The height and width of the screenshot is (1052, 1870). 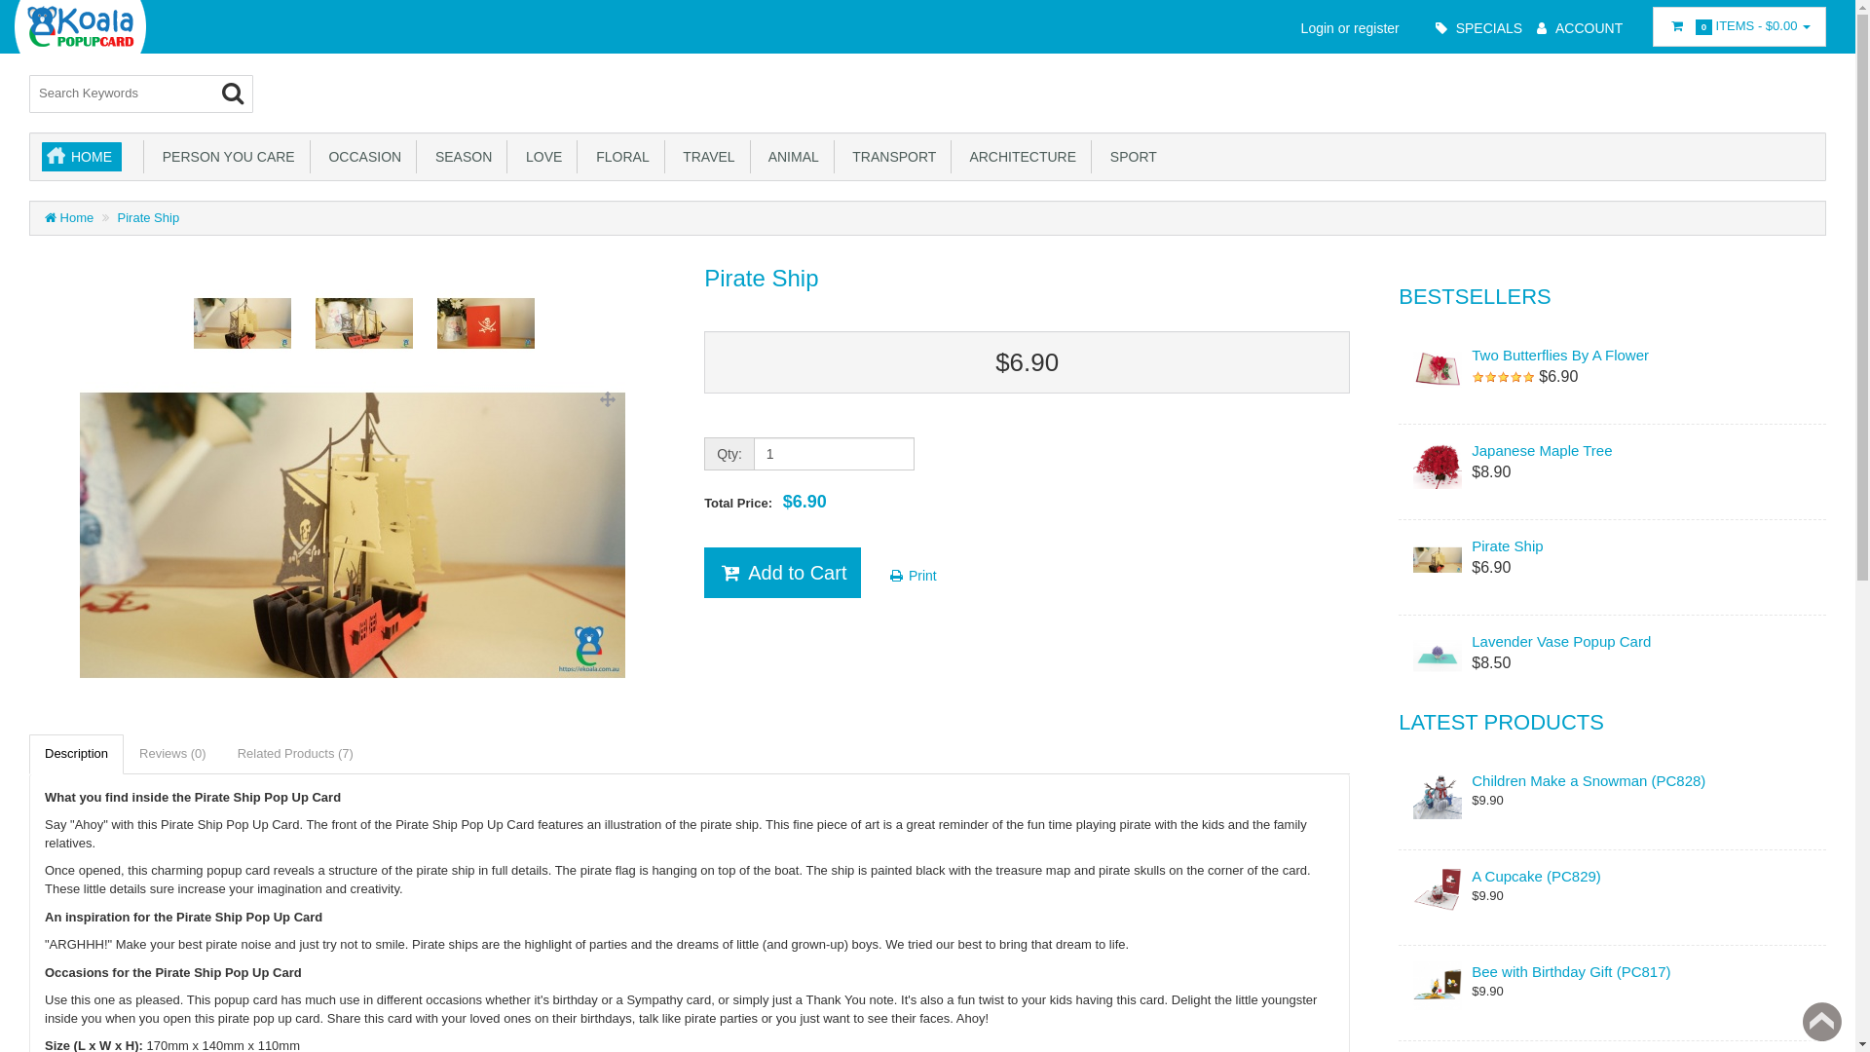 What do you see at coordinates (1132, 156) in the screenshot?
I see `'  SPORT'` at bounding box center [1132, 156].